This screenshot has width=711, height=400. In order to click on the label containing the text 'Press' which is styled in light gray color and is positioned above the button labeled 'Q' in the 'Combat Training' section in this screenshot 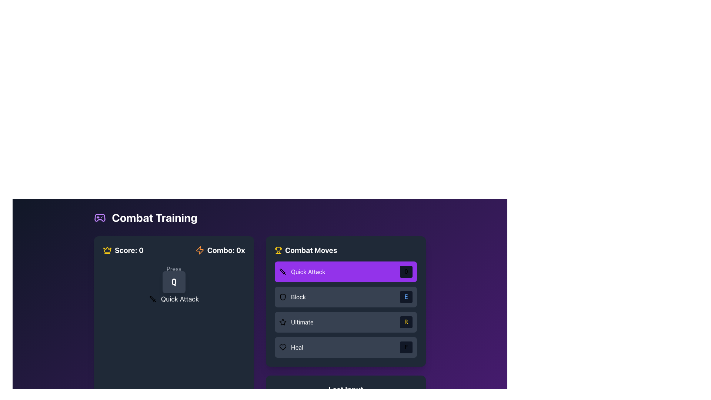, I will do `click(174, 269)`.